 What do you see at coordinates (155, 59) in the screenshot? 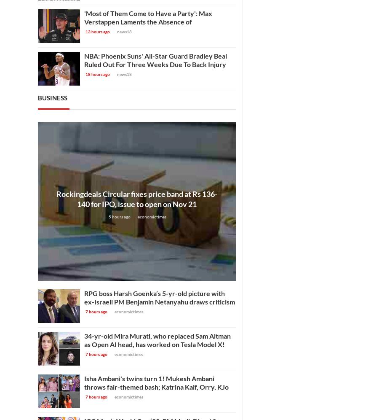
I see `'NBA: Phoenix Suns' All-Star Guard Bradley Beal Ruled Out For Three Weeks Due To Back Injury'` at bounding box center [155, 59].